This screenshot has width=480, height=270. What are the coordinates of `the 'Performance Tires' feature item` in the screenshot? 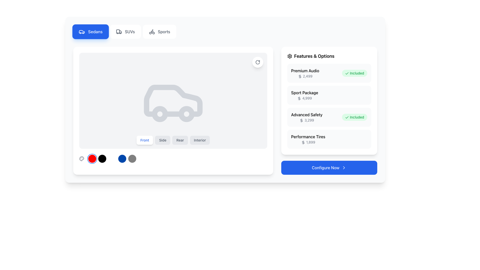 It's located at (329, 139).